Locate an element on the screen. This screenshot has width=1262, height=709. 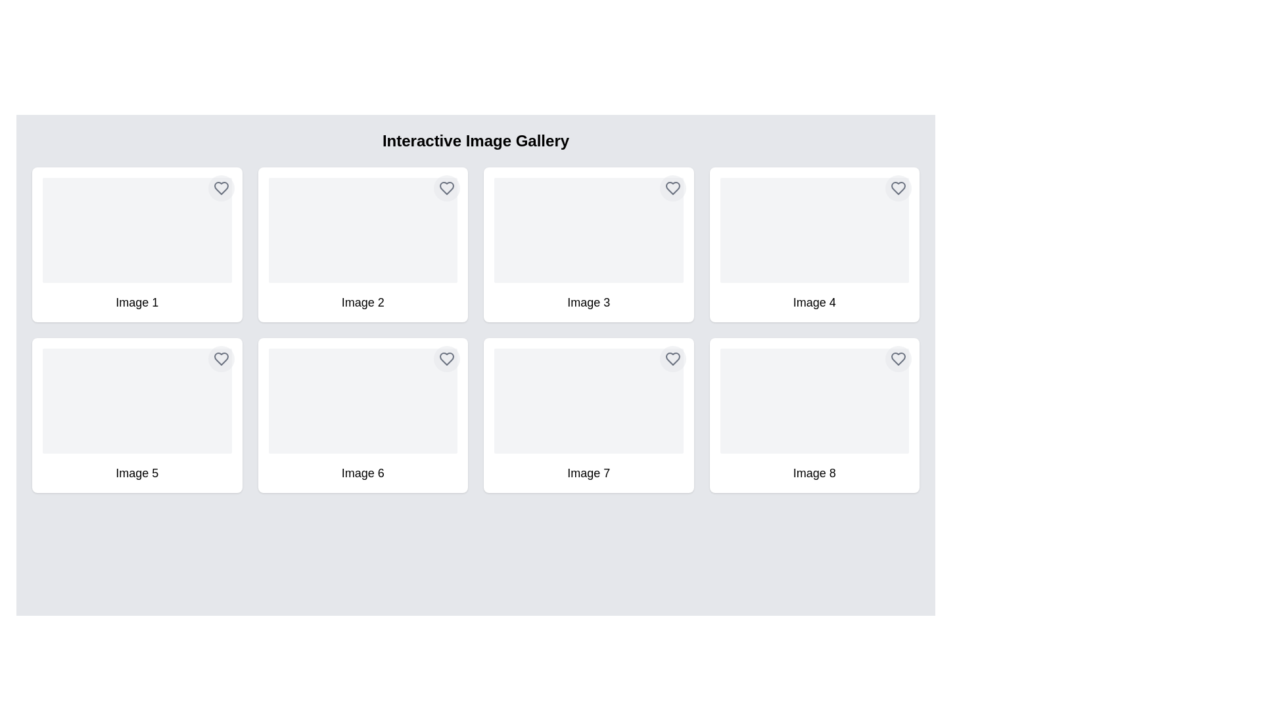
the heart-shaped icon inside the circular button located at the top-right corner of 'Image 1' to mark the item as favorite is located at coordinates (221, 188).